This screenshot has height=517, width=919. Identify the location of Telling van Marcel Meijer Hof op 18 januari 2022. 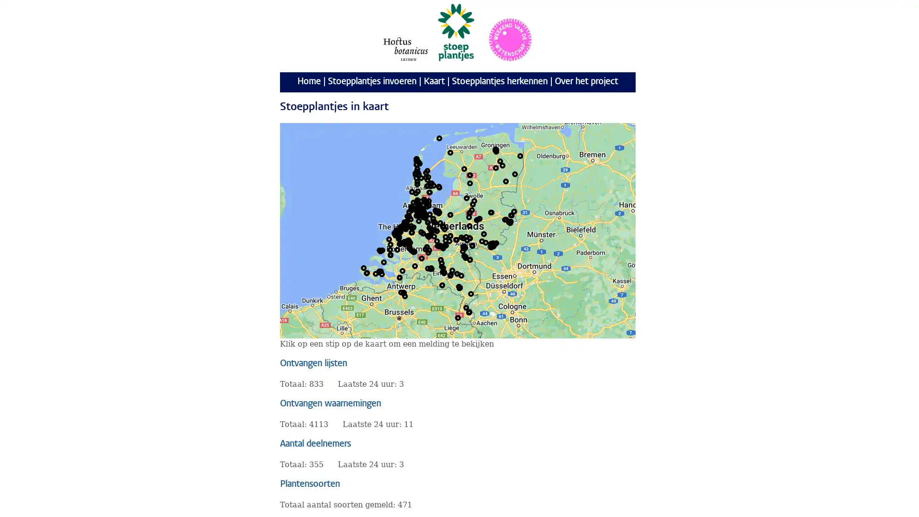
(509, 223).